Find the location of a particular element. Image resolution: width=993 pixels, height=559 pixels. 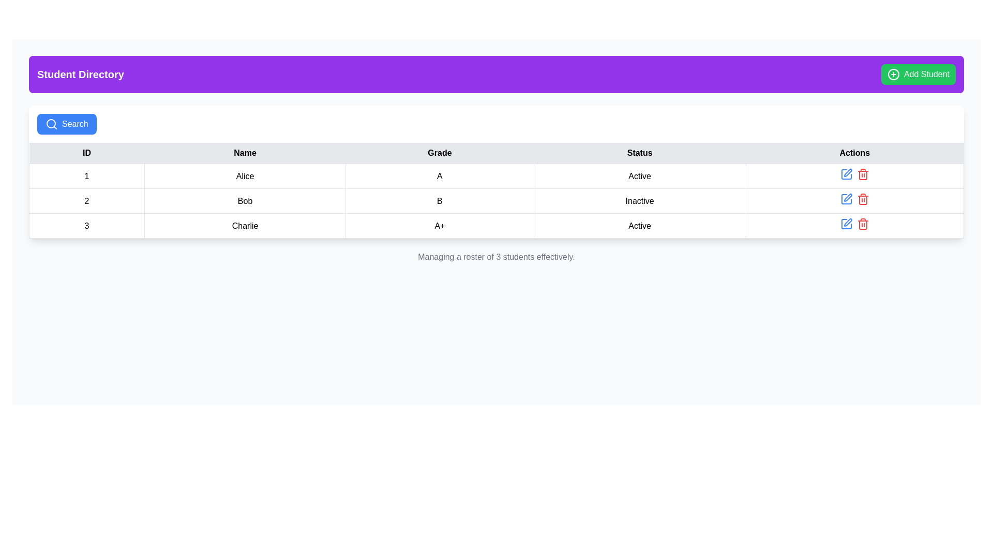

the table cell containing the number '2' in the second row of the 'ID' column is located at coordinates (87, 201).